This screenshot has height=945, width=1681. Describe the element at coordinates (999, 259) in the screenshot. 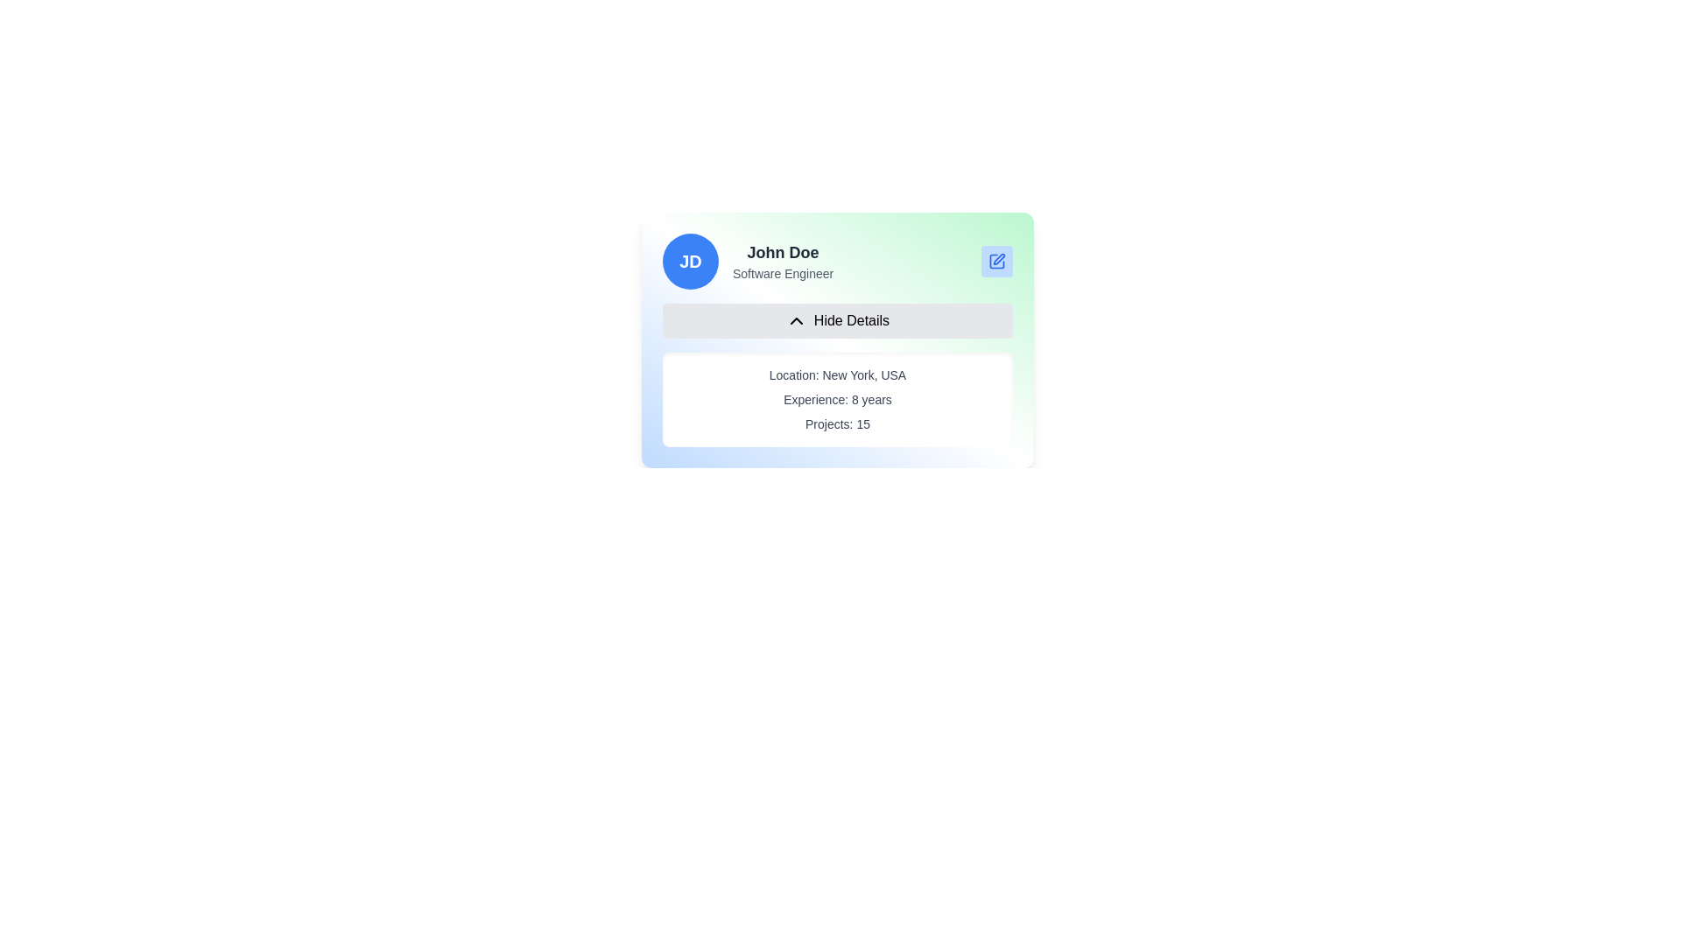

I see `the diagonal pencil icon embedded within a square outline located in the top-right area of the card layout, adjacent to the user's profile section and above the 'Hide Details' button` at that location.